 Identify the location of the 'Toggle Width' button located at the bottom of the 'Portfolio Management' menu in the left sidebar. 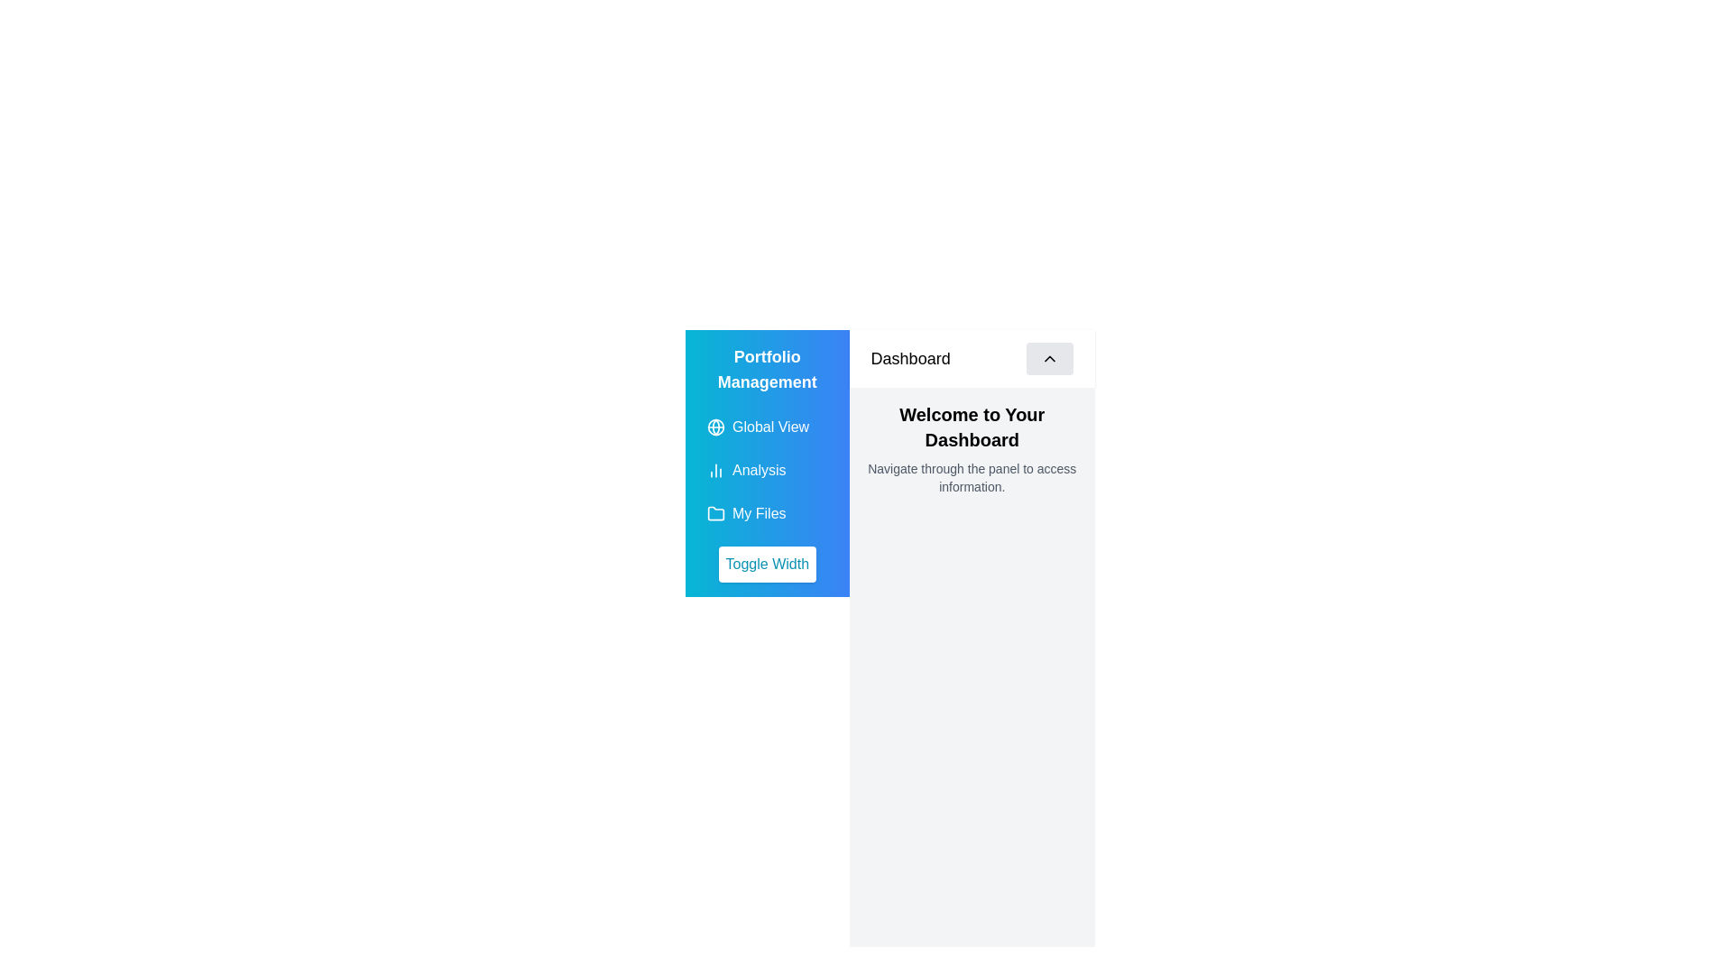
(767, 563).